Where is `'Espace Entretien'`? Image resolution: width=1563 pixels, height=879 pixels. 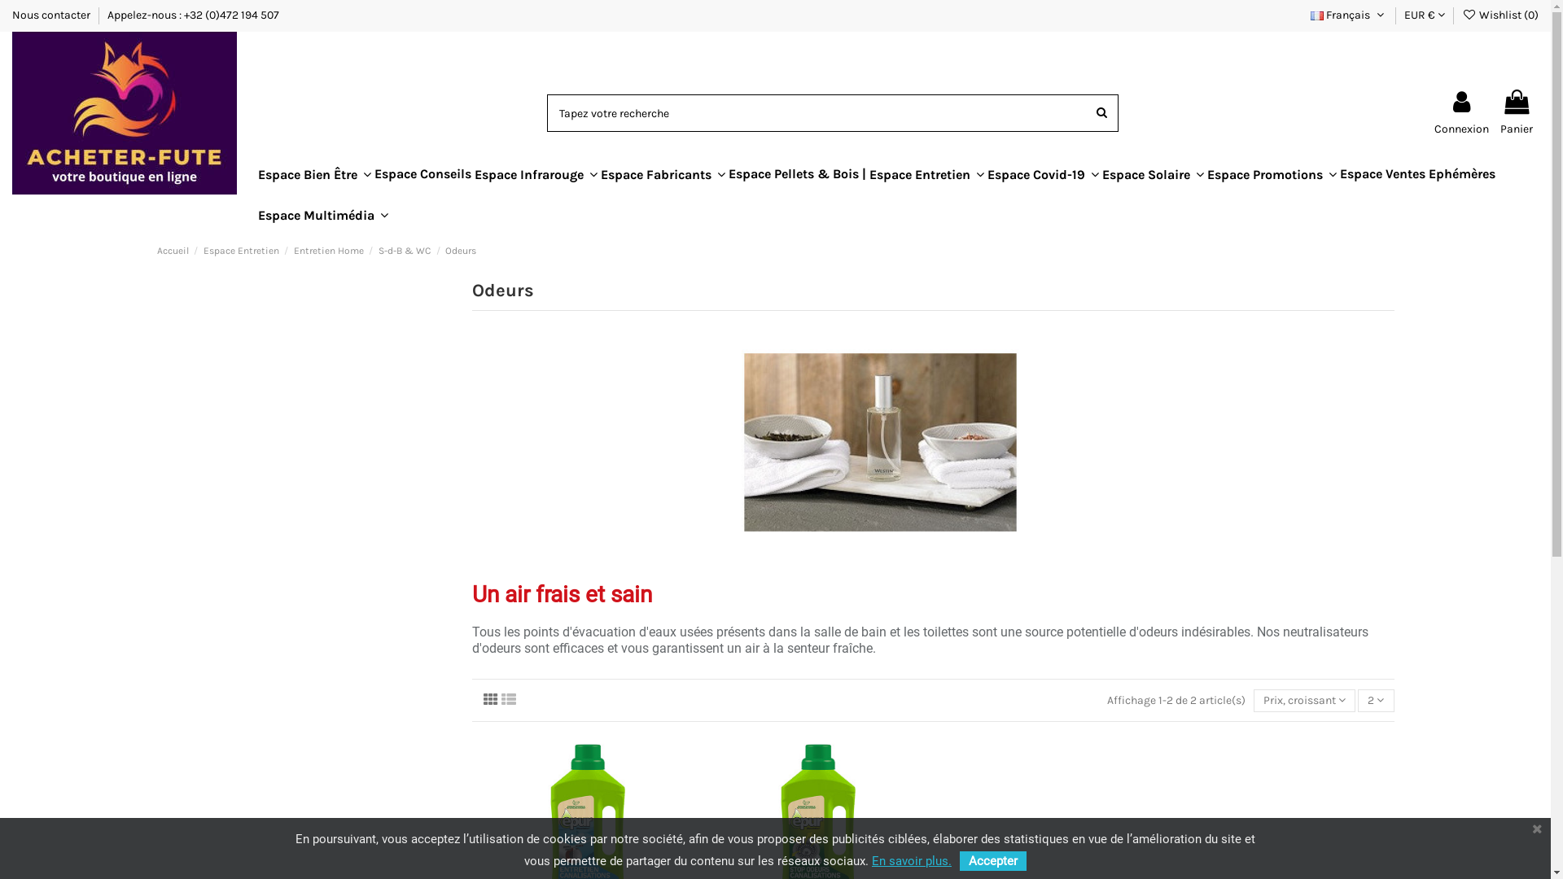
'Espace Entretien' is located at coordinates (926, 173).